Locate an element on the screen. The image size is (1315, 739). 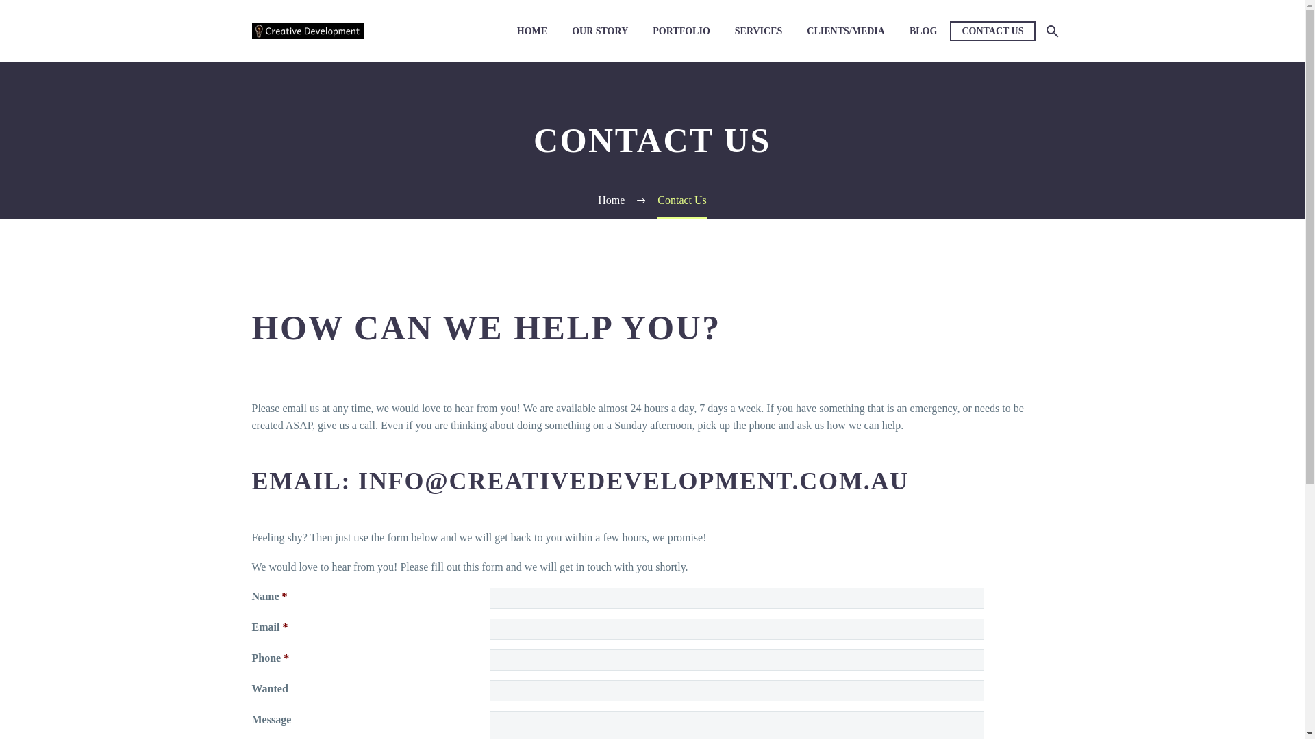
'PORTFOLIO' is located at coordinates (681, 31).